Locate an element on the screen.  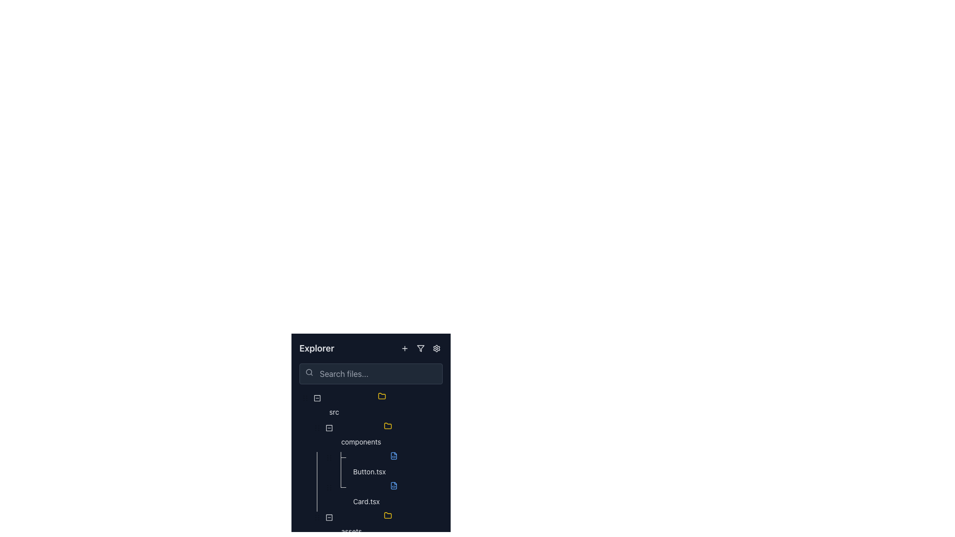
the compact blue icon resembling a document with angle brackets located near the 'Button.tsx' text is located at coordinates (395, 458).